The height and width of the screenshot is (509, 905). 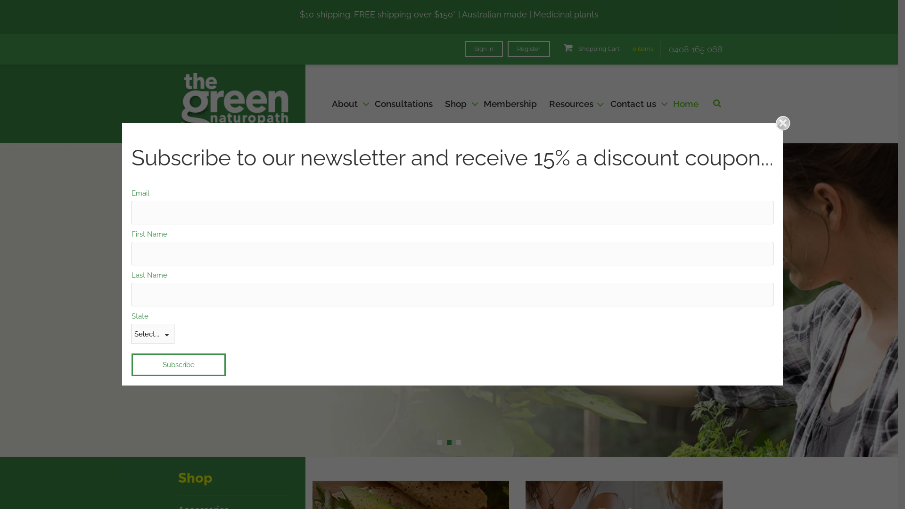 I want to click on 'Register', so click(x=529, y=49).